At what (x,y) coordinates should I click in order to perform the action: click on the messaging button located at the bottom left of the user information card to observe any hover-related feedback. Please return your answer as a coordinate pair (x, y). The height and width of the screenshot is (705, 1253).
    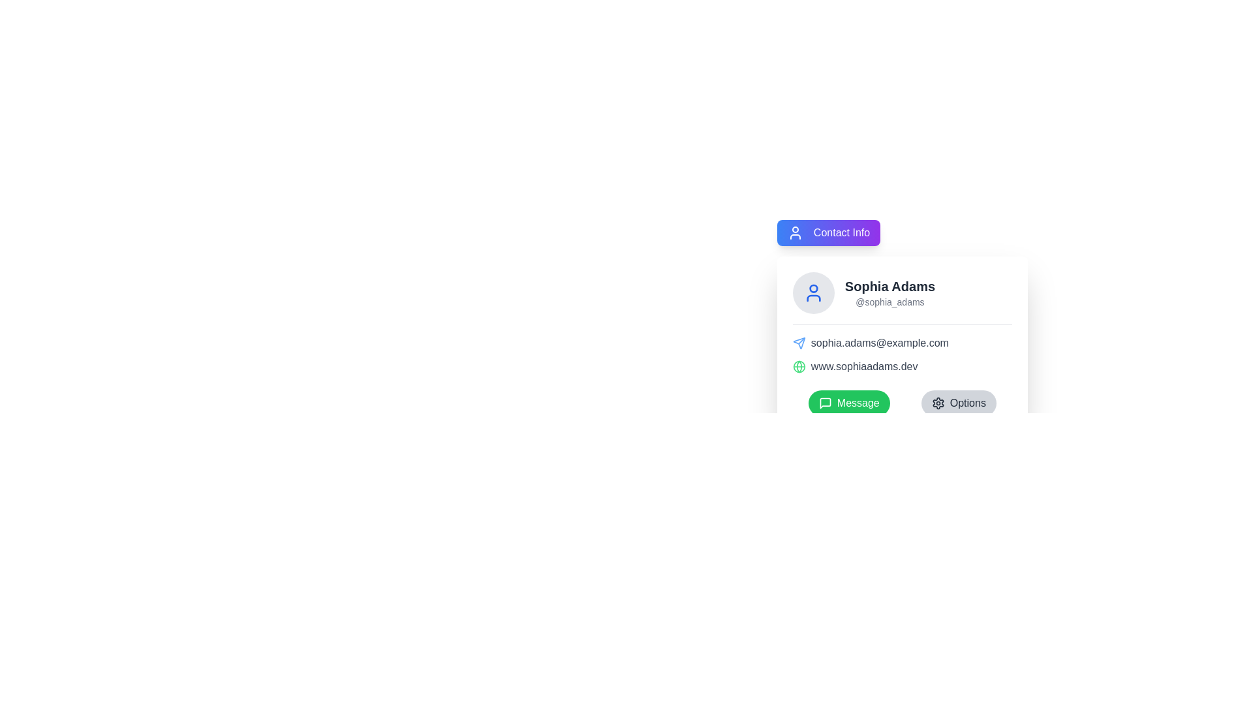
    Looking at the image, I should click on (849, 402).